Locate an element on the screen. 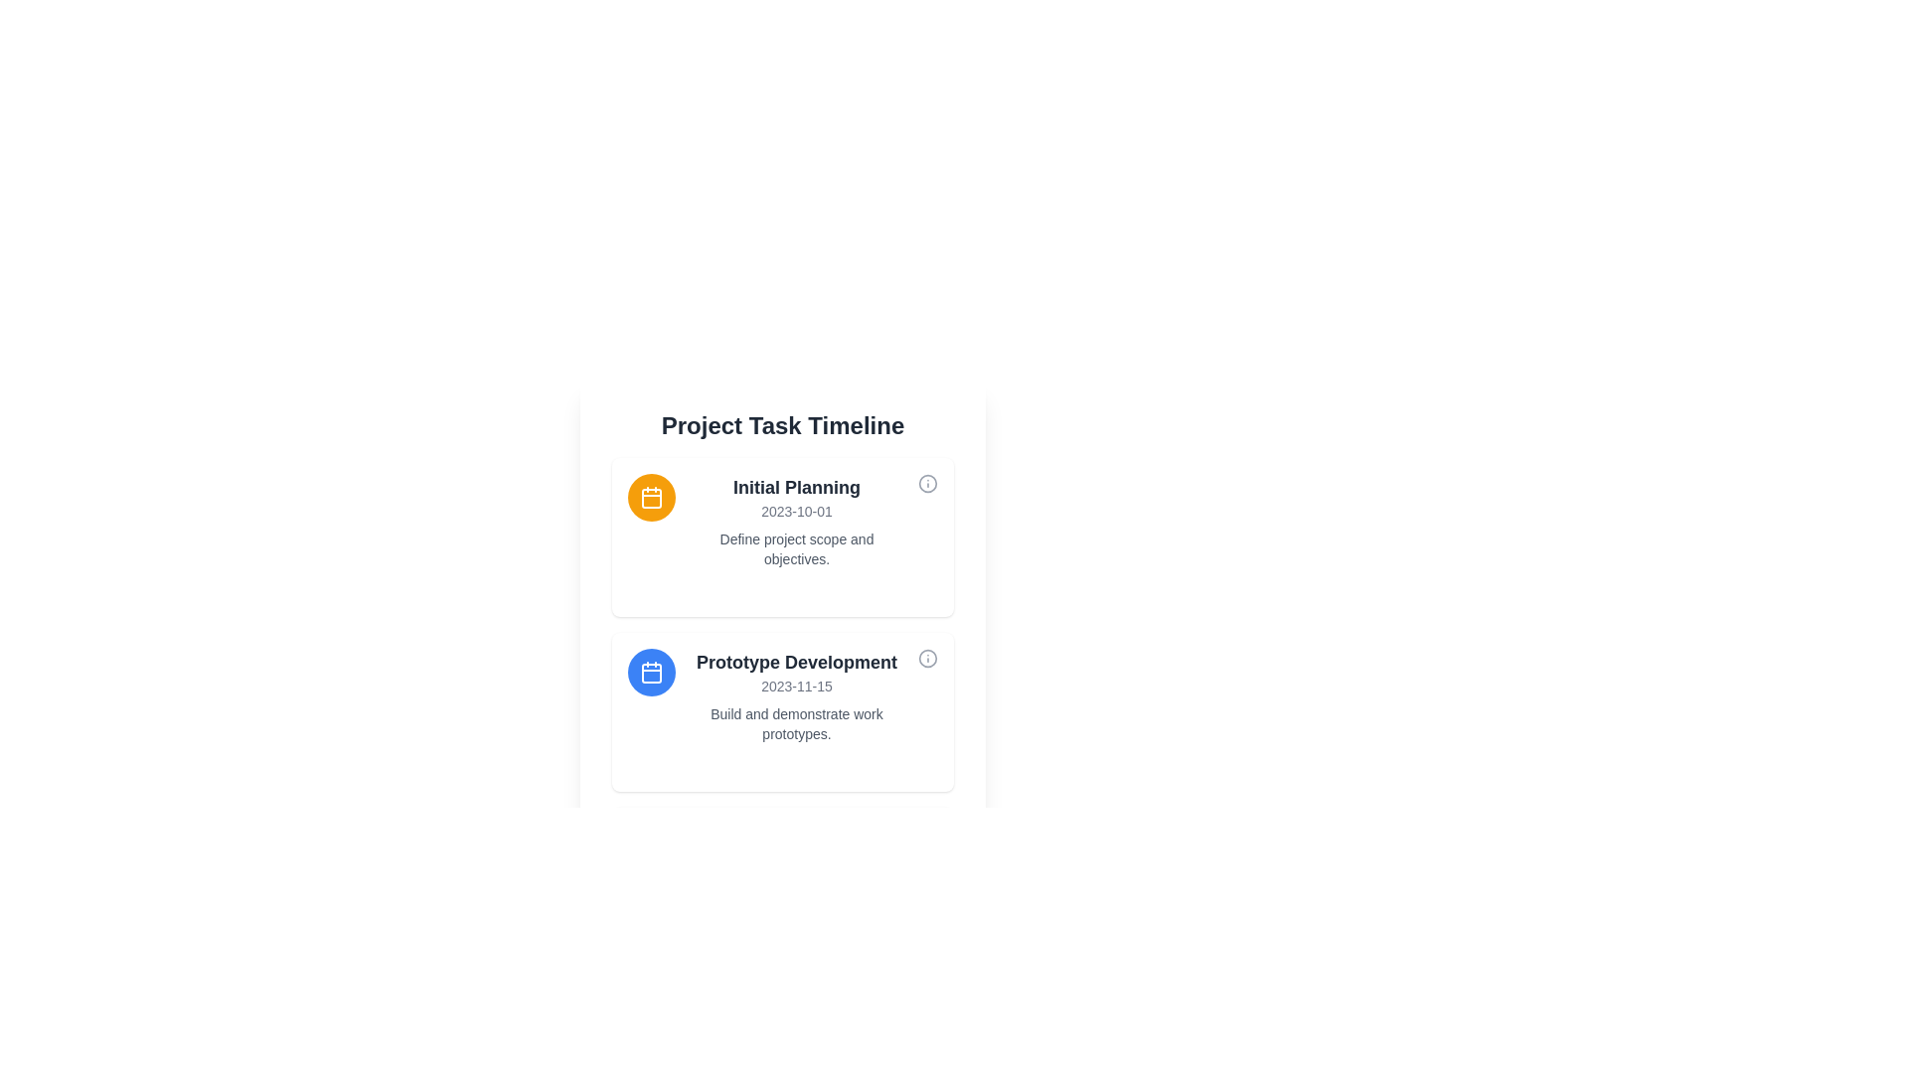  the blue circular icon containing a calendar symbol located at the start of the 'Prototype Development' entry in the bottom row of the task cards is located at coordinates (652, 672).